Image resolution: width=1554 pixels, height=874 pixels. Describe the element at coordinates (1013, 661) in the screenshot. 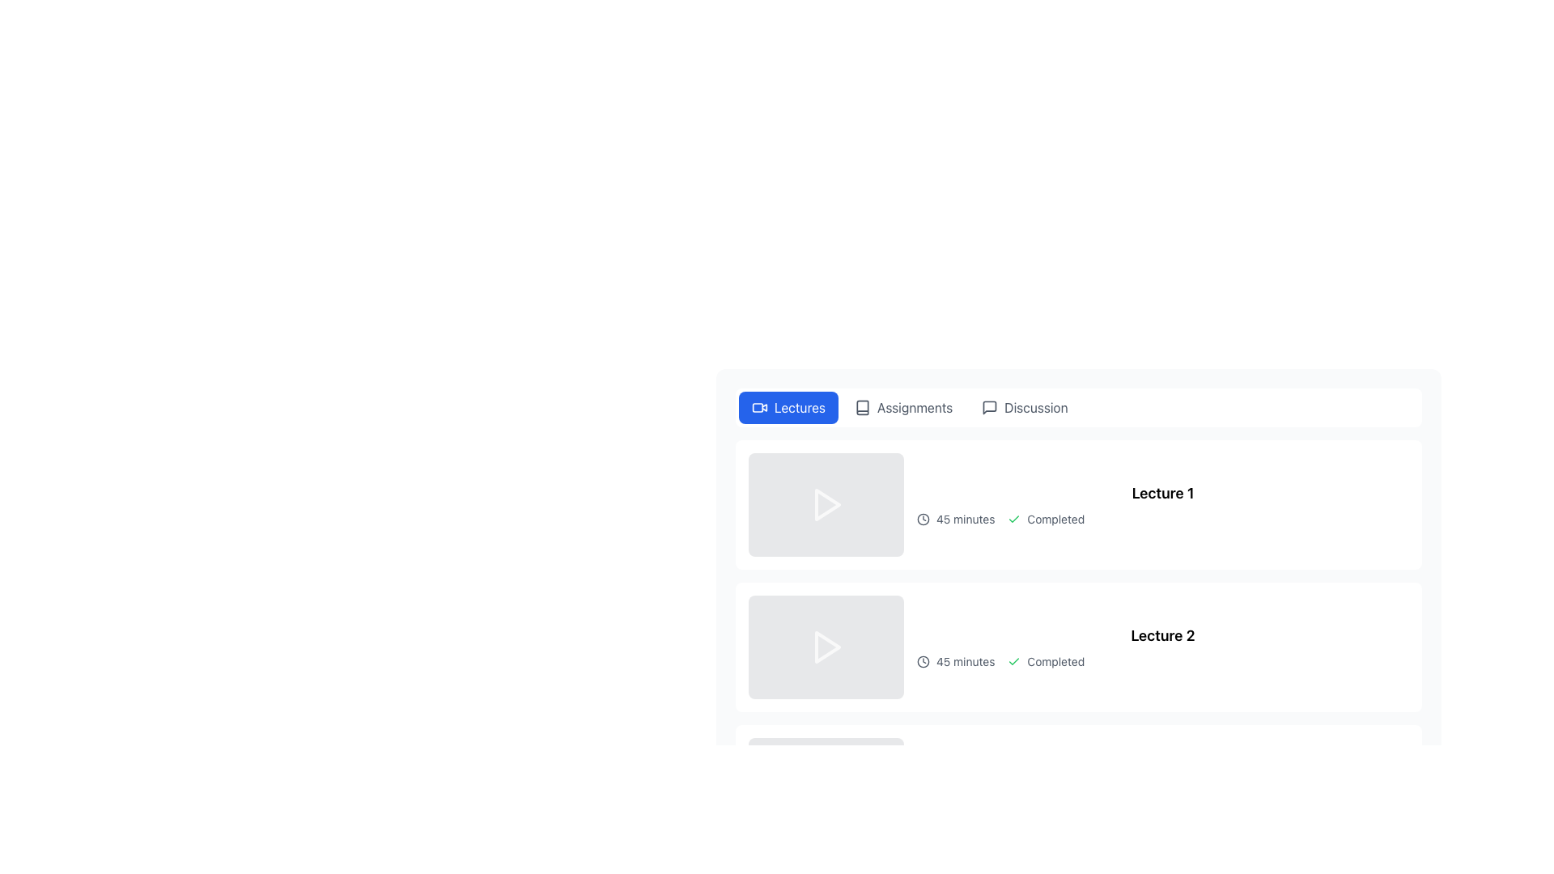

I see `the green checkmark icon located between the '45 minutes' and 'Completed' texts in the lecture information row for 'Lecture 1'` at that location.